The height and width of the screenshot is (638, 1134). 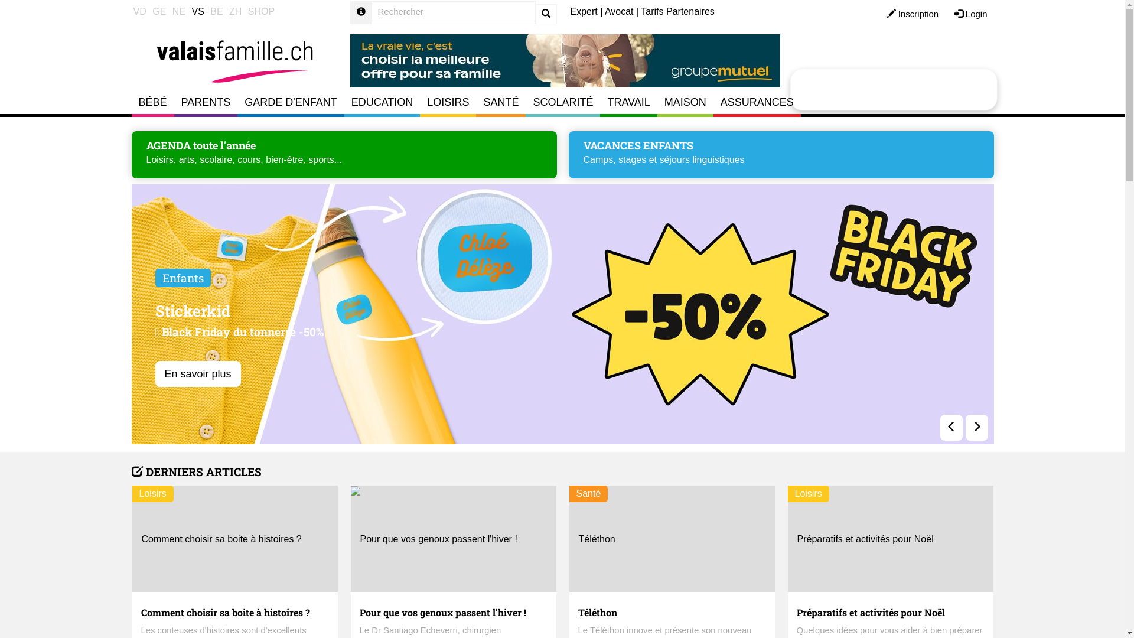 I want to click on 'Accueil Valais Famillle', so click(x=234, y=56).